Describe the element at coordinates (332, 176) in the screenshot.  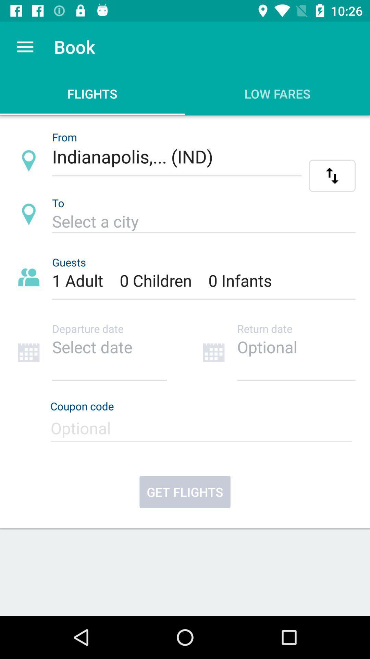
I see `flip location button` at that location.